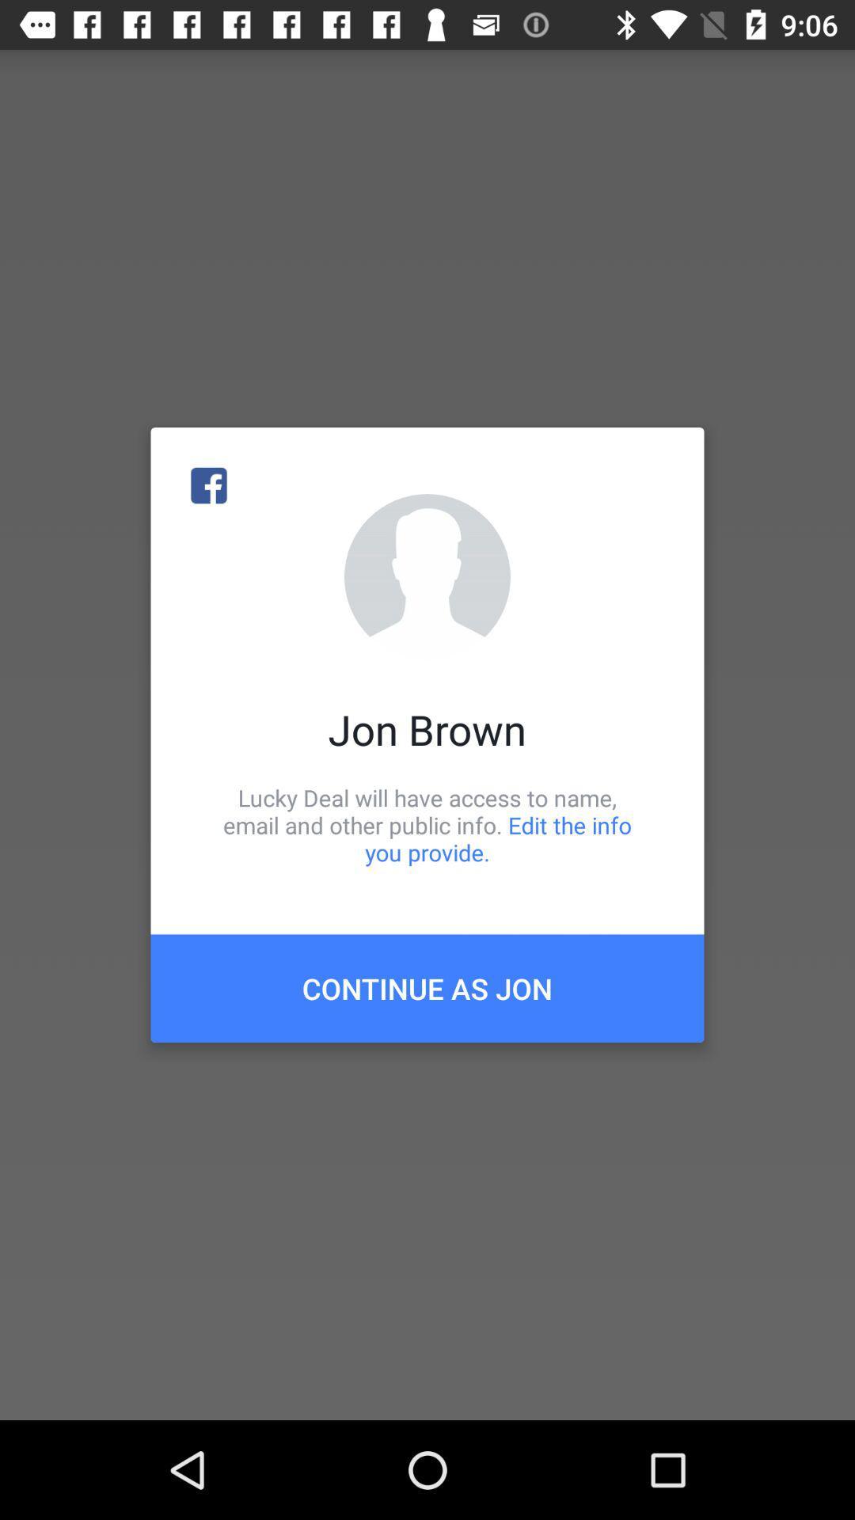  Describe the element at coordinates (427, 987) in the screenshot. I see `item below the lucky deal will icon` at that location.